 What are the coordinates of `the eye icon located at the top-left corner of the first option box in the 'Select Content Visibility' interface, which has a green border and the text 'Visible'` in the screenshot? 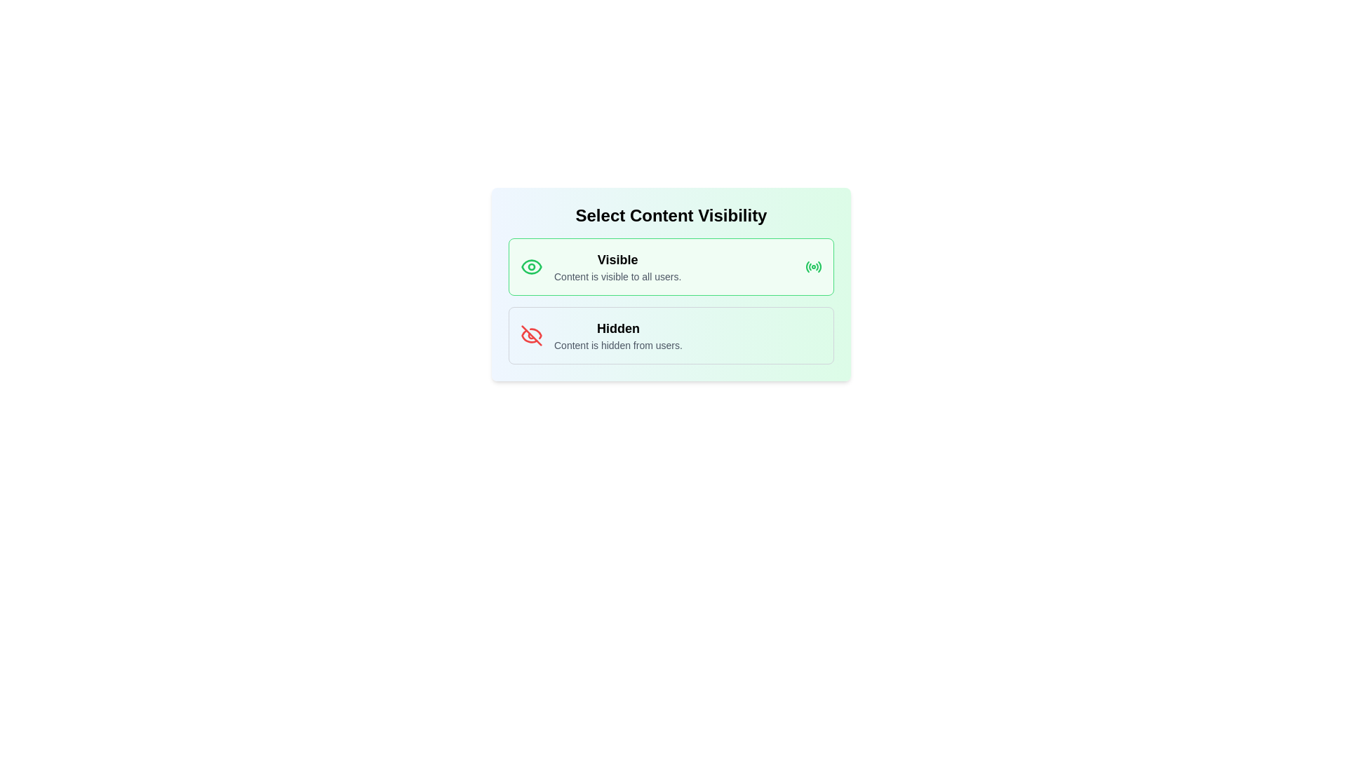 It's located at (531, 267).